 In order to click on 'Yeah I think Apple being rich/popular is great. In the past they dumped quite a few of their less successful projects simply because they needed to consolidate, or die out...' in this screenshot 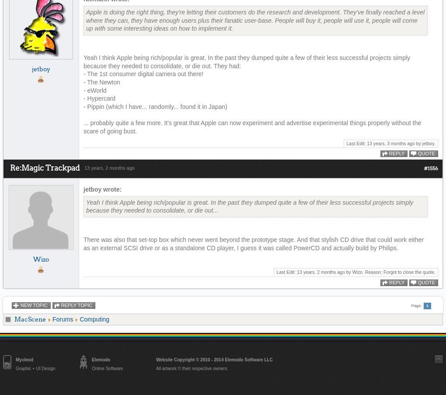, I will do `click(85, 206)`.